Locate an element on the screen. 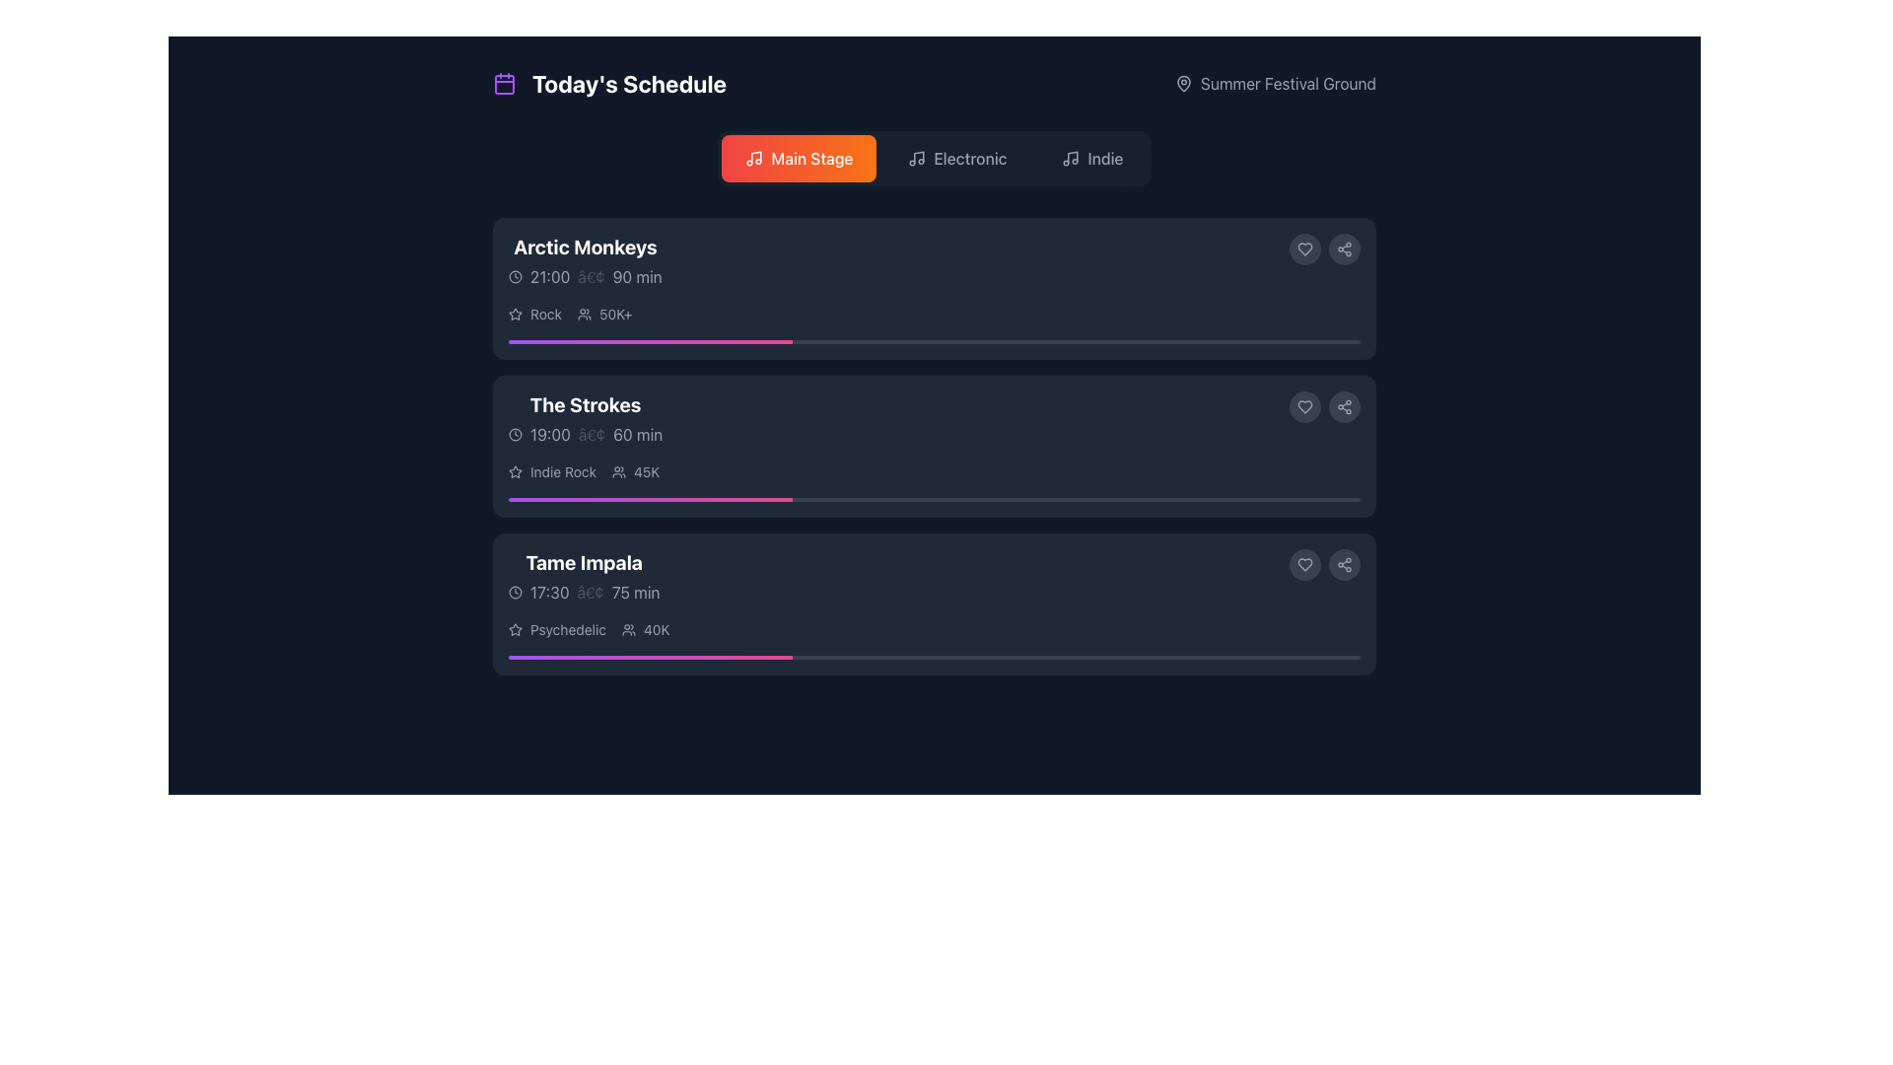 The image size is (1893, 1065). the progress level of the progress bar segment located beneath the event listing for 'Tame Impala', which indicates the progression in an event or task is located at coordinates (650, 658).